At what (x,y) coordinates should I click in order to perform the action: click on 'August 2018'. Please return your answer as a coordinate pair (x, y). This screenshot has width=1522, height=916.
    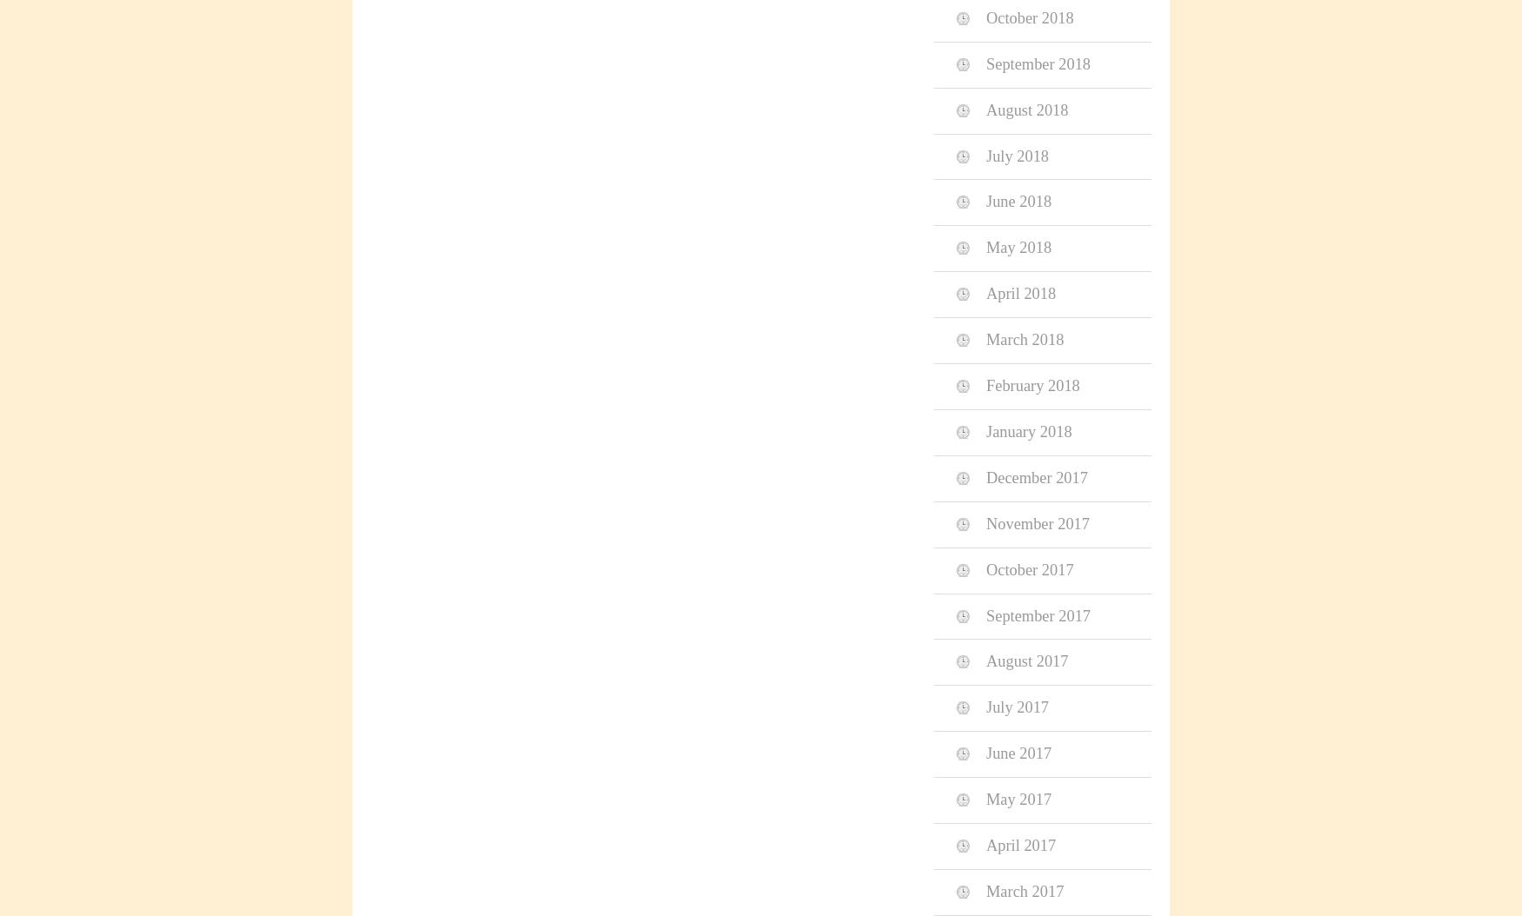
    Looking at the image, I should click on (985, 109).